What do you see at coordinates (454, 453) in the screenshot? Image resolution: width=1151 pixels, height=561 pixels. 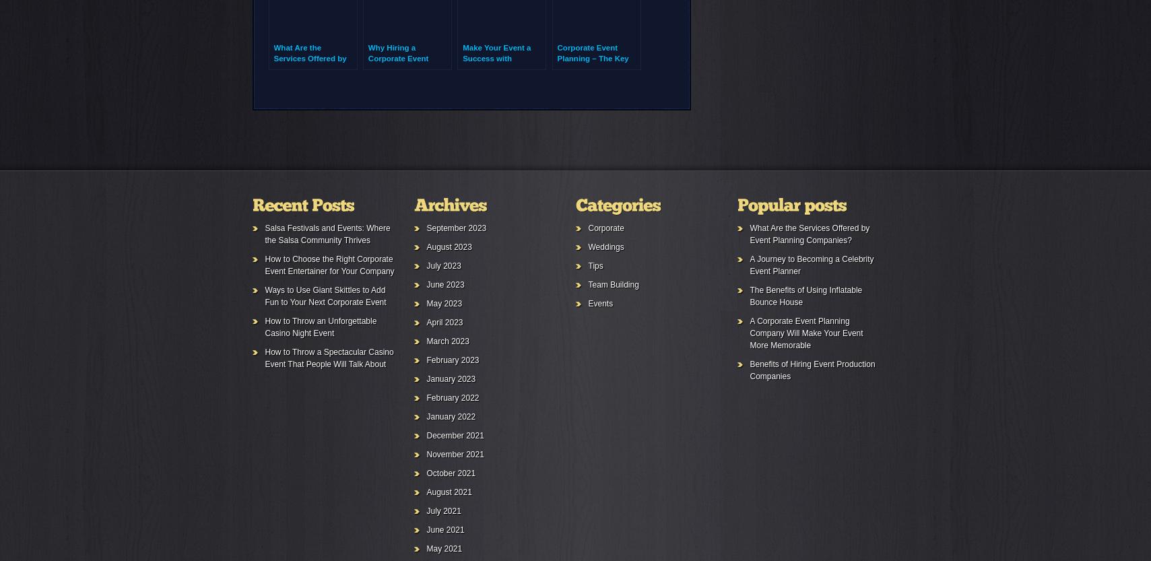 I see `'November 2021'` at bounding box center [454, 453].